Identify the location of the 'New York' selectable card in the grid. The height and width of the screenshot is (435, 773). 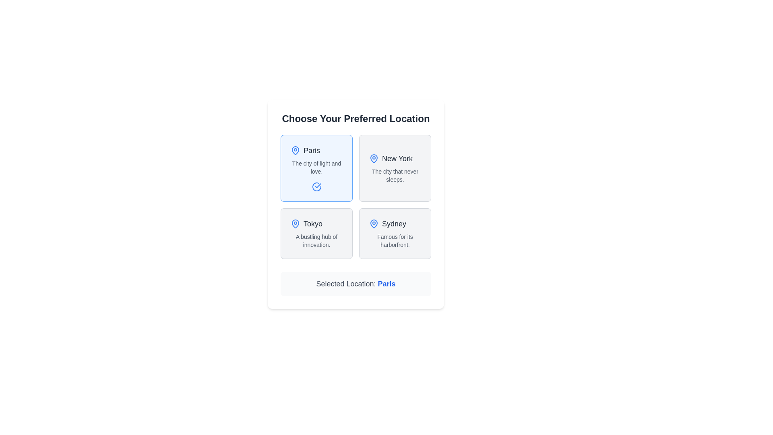
(395, 168).